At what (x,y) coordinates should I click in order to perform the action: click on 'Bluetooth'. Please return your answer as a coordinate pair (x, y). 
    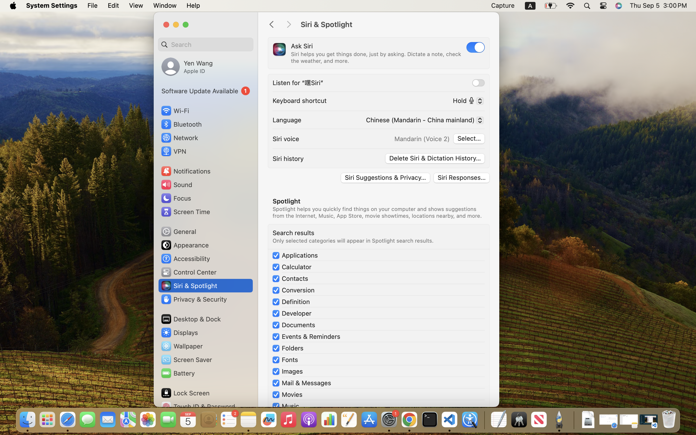
    Looking at the image, I should click on (181, 124).